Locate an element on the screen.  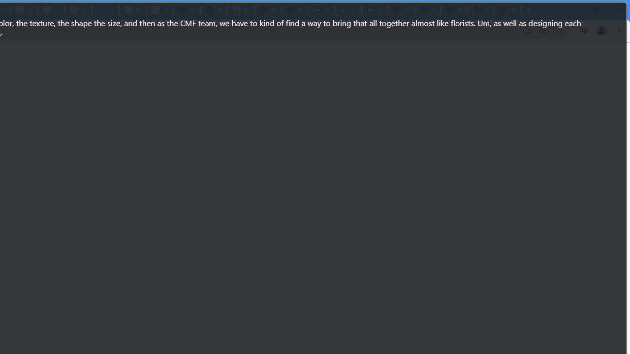
'New Tab' is located at coordinates (507, 10).